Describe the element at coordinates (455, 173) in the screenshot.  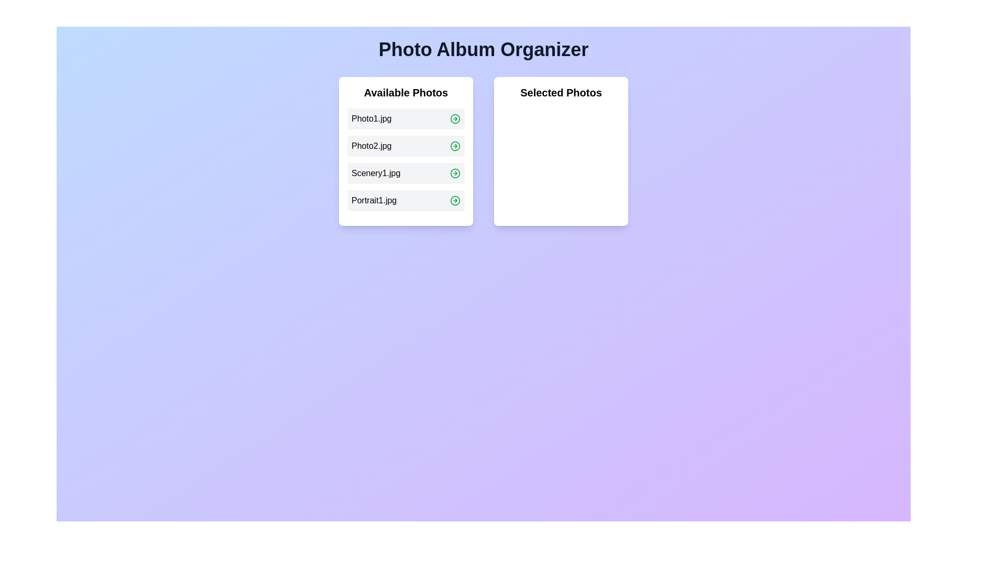
I see `the green arrow icon next to the photo named Scenery1.jpg to move it to the 'Selected Photos' list` at that location.